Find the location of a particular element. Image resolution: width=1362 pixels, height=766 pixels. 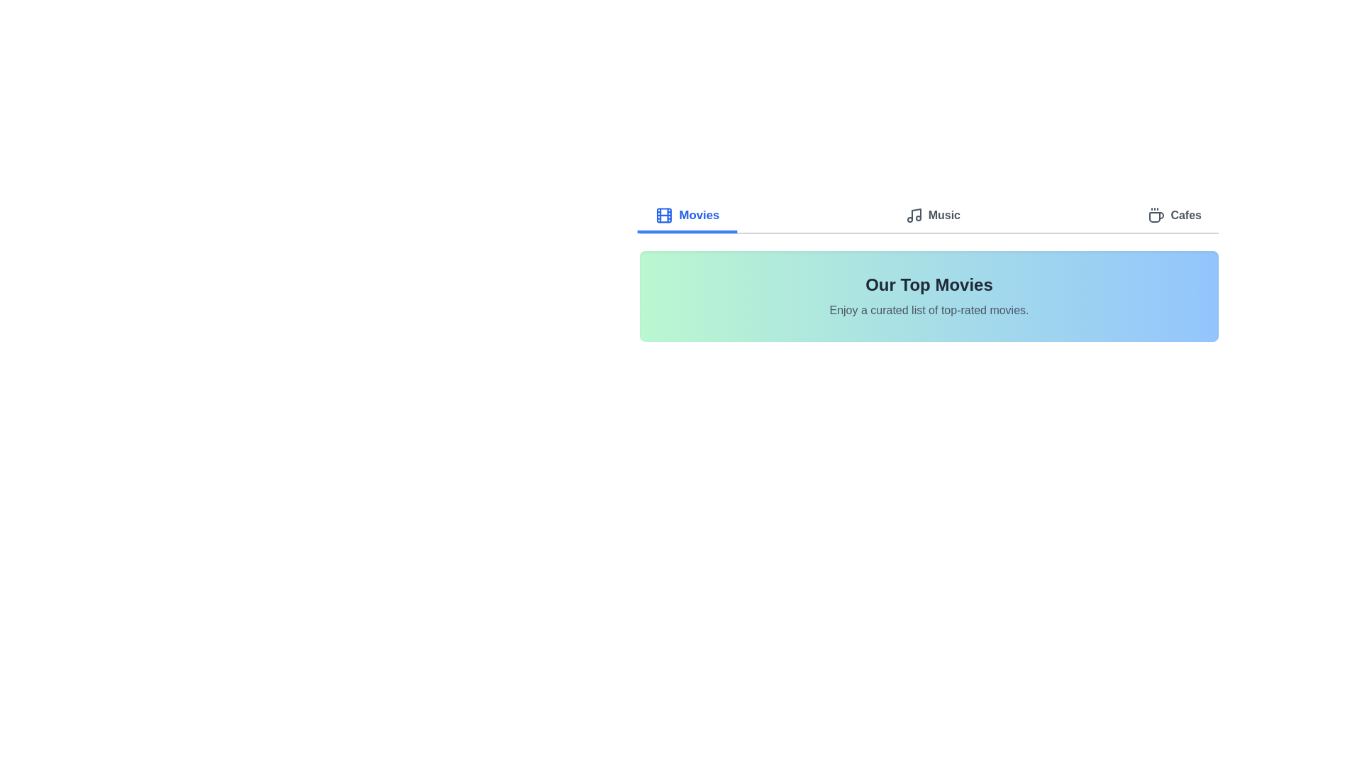

the Music tab is located at coordinates (933, 216).